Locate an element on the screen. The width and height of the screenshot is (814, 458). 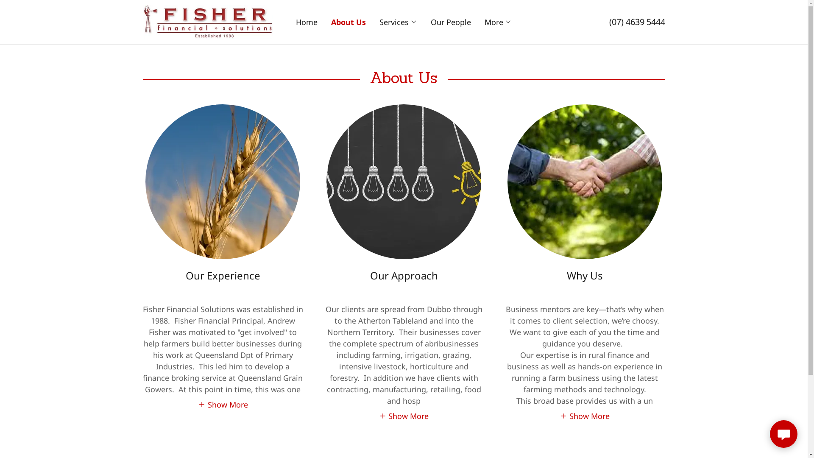
'(07) 4639 5444' is located at coordinates (608, 21).